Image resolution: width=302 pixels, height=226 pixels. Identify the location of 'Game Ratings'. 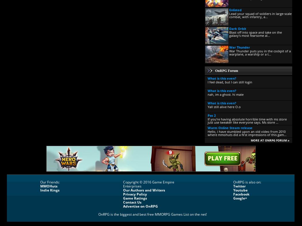
(135, 198).